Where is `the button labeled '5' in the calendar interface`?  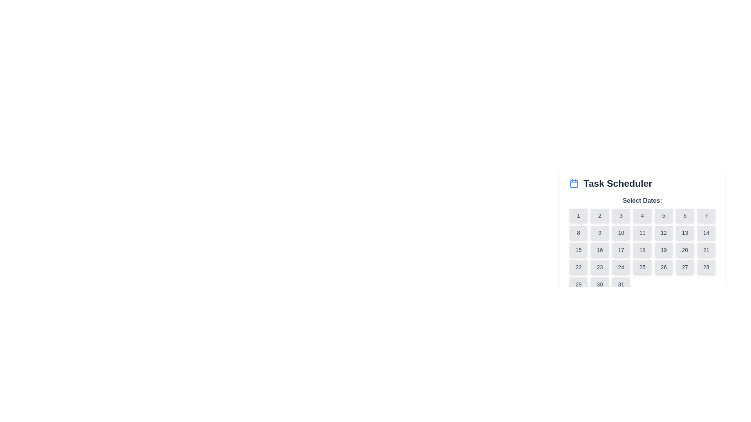 the button labeled '5' in the calendar interface is located at coordinates (663, 215).